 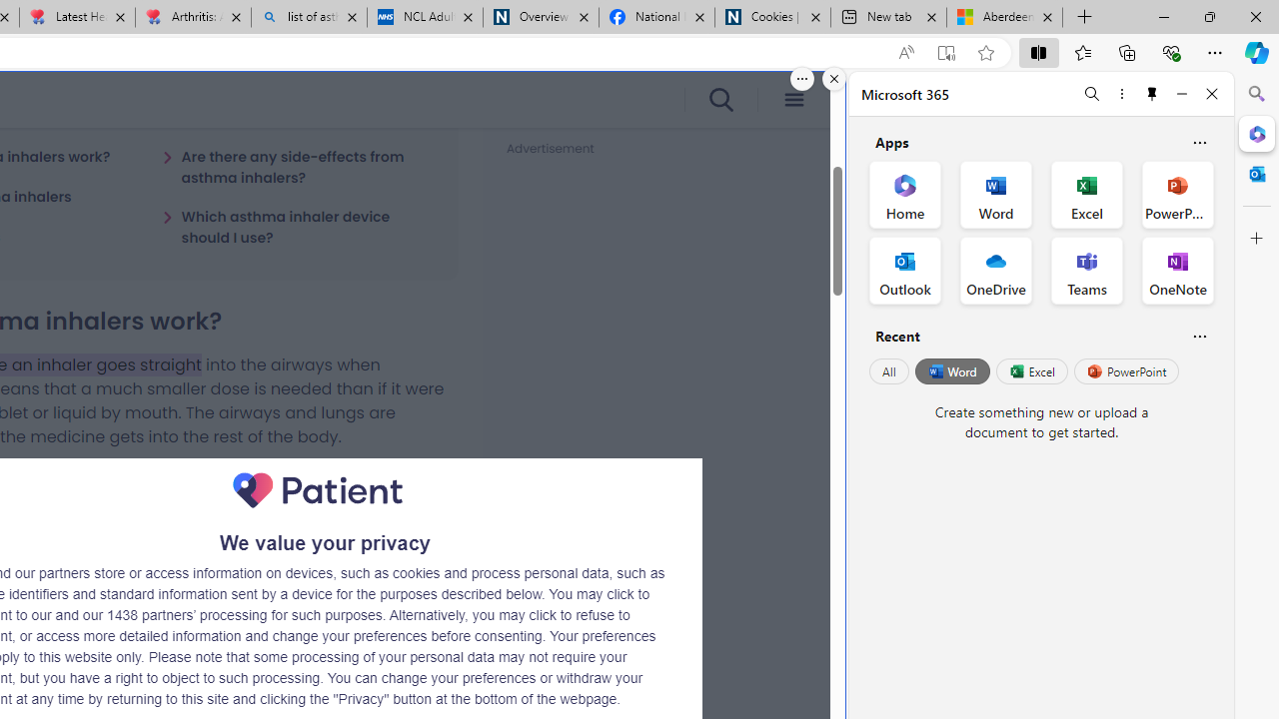 I want to click on 'NCL Adult Asthma Inhaler Choice Guideline', so click(x=423, y=17).